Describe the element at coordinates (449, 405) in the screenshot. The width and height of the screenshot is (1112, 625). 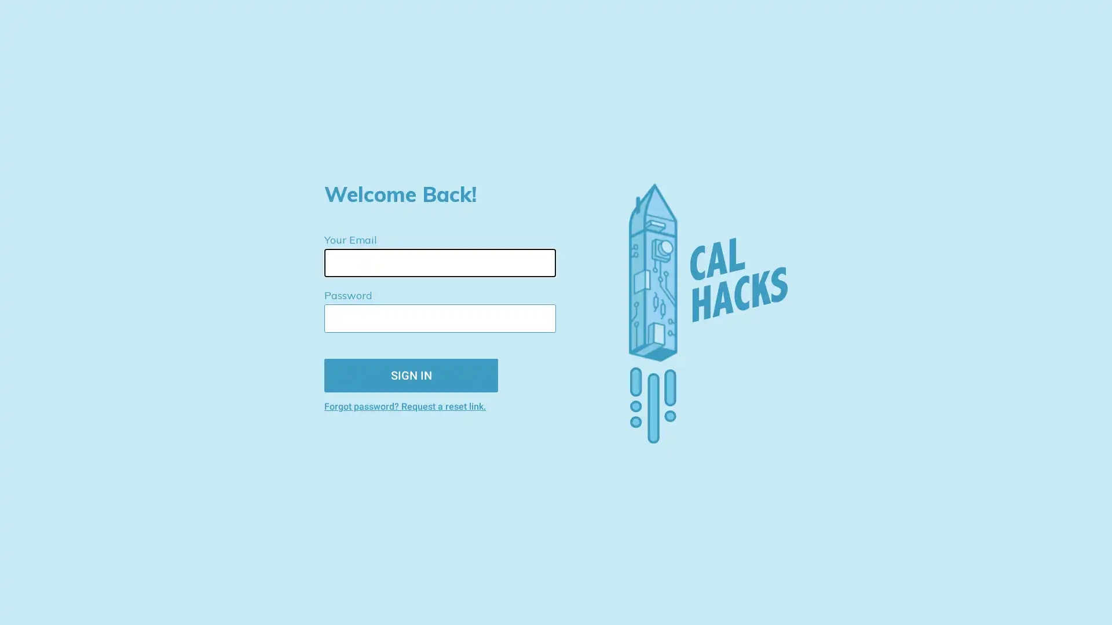
I see `Forgot password? Request a reset link.` at that location.